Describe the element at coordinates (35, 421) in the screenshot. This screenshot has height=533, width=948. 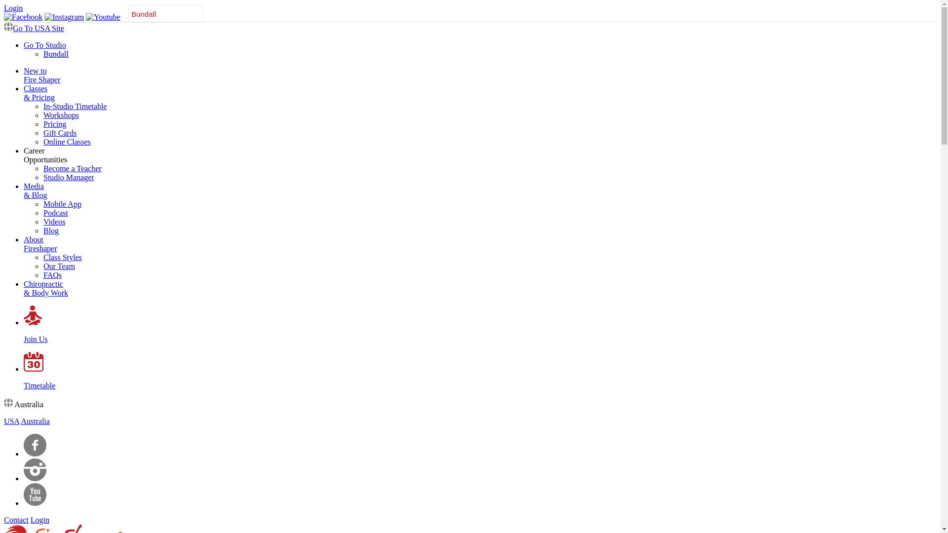
I see `'Australia'` at that location.